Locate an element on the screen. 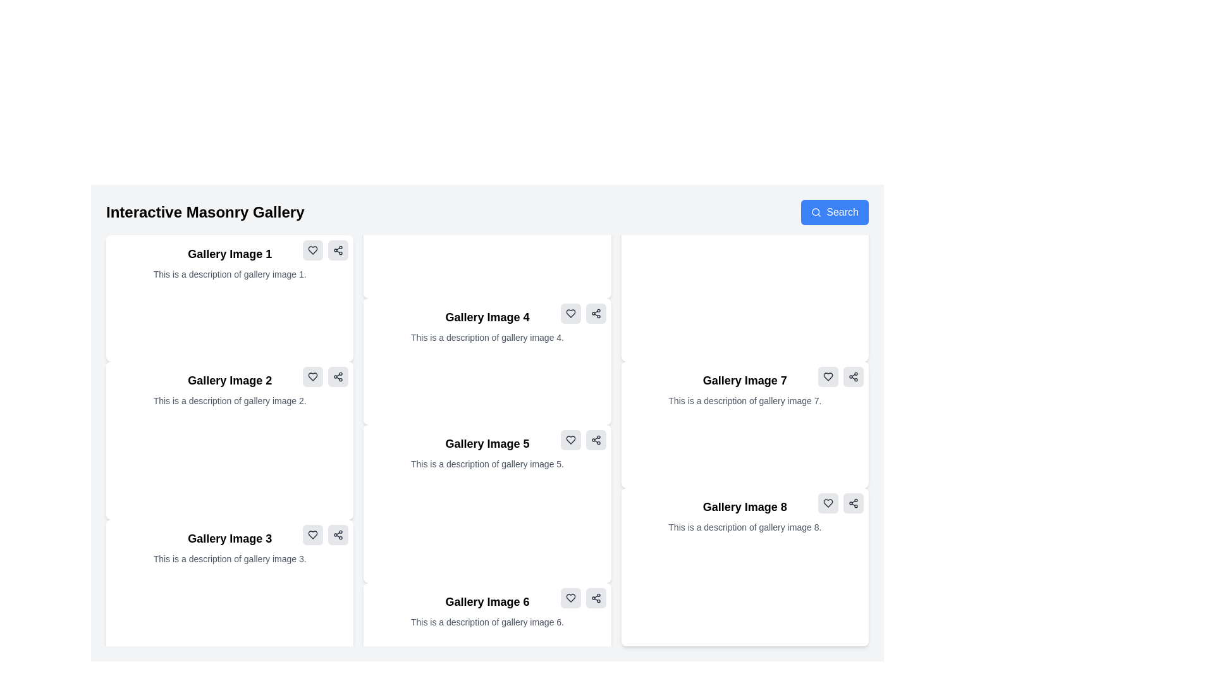  the small heart icon with a hollow center, styled with a thin line, located in the top-right corner of the card titled 'Gallery Image 8' is located at coordinates (828, 502).